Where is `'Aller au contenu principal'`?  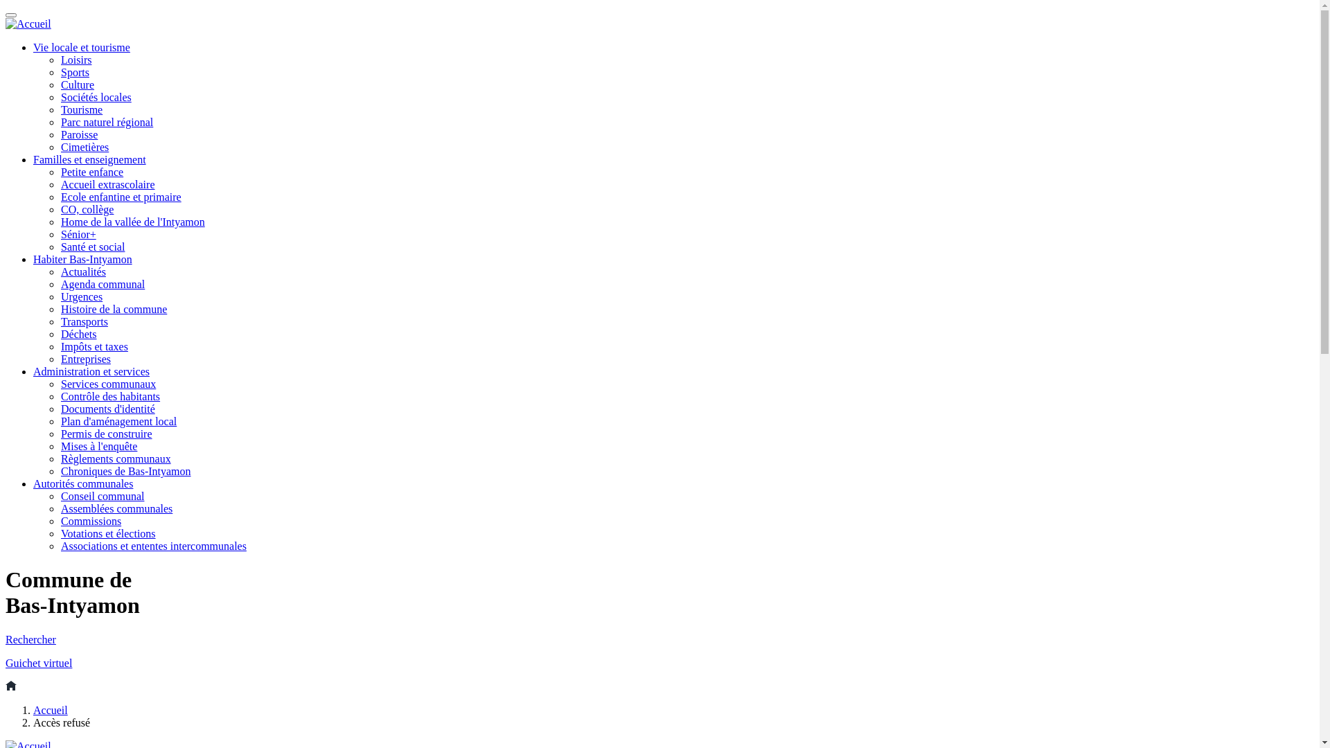
'Aller au contenu principal' is located at coordinates (6, 6).